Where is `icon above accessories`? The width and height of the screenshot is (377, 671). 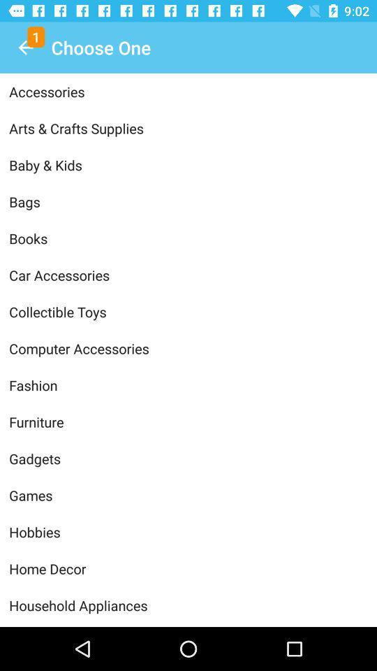
icon above accessories is located at coordinates (25, 48).